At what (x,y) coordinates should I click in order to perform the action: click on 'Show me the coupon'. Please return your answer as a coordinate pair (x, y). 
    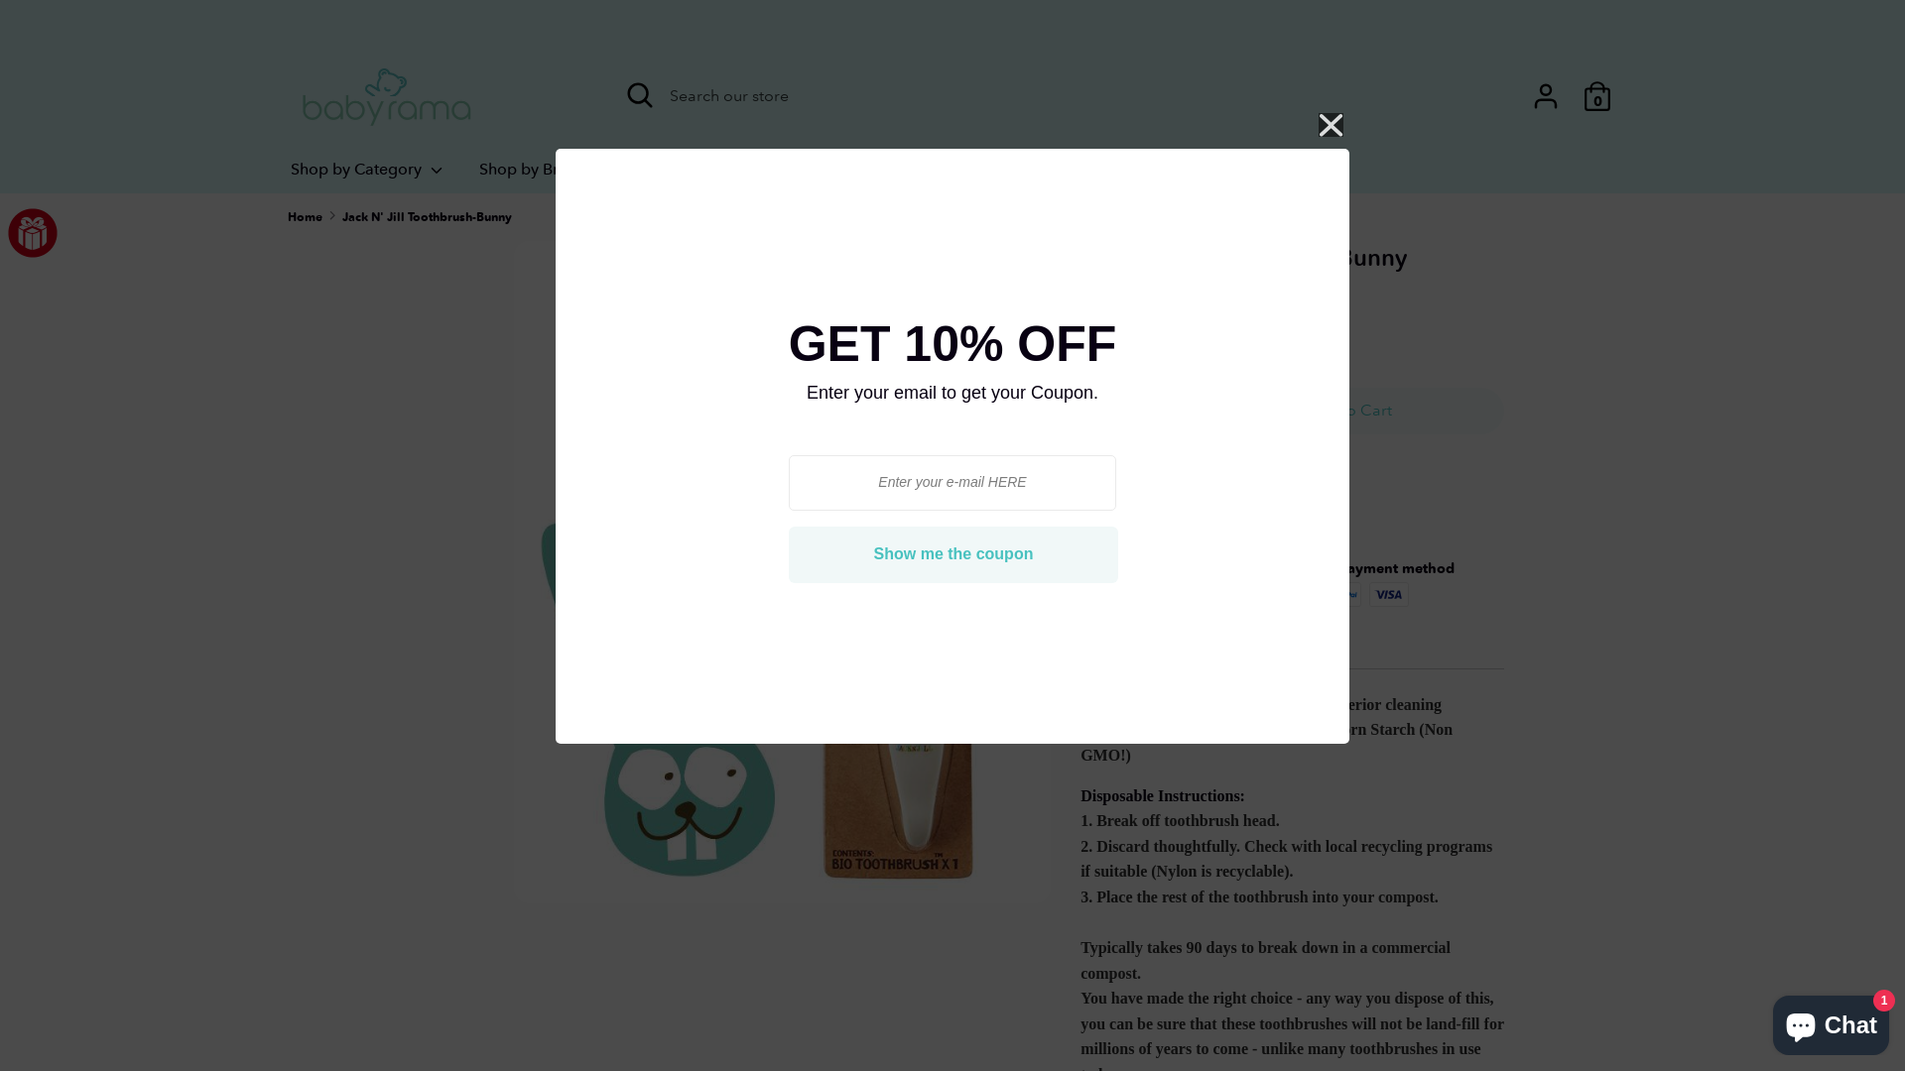
    Looking at the image, I should click on (953, 554).